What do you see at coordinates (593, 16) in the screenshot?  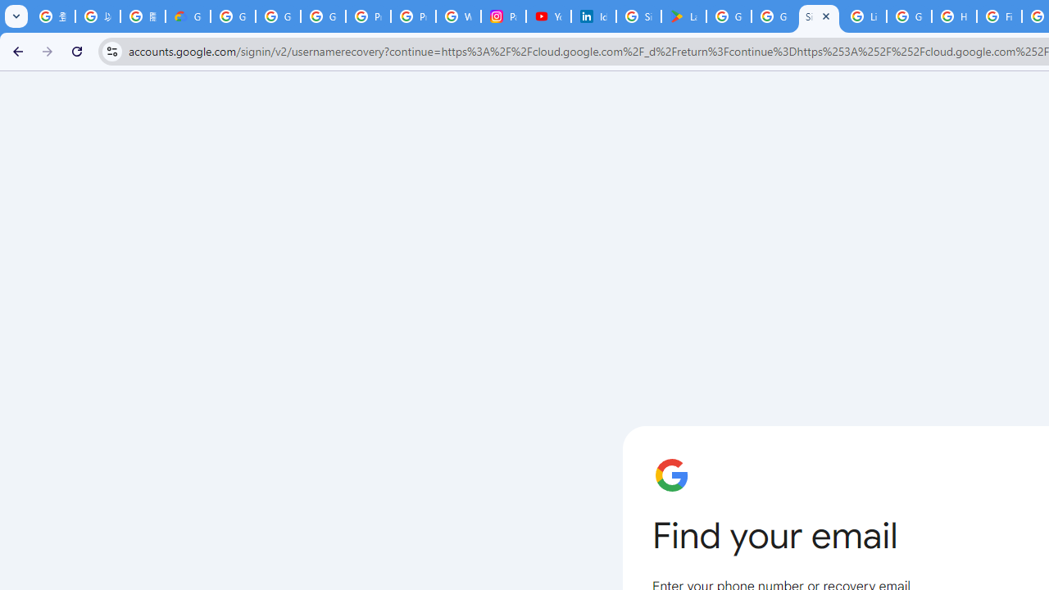 I see `'Identity verification via Persona | LinkedIn Help'` at bounding box center [593, 16].